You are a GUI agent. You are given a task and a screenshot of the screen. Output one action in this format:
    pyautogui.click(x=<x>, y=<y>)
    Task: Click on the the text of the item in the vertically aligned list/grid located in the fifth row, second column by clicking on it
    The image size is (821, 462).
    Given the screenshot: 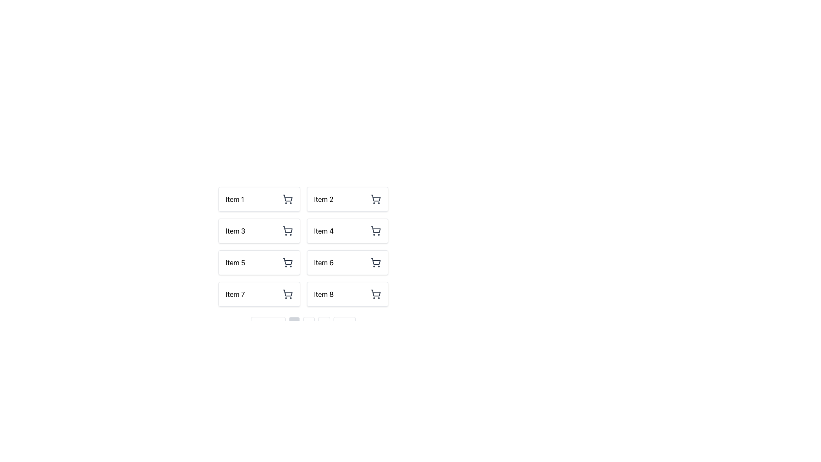 What is the action you would take?
    pyautogui.click(x=303, y=260)
    